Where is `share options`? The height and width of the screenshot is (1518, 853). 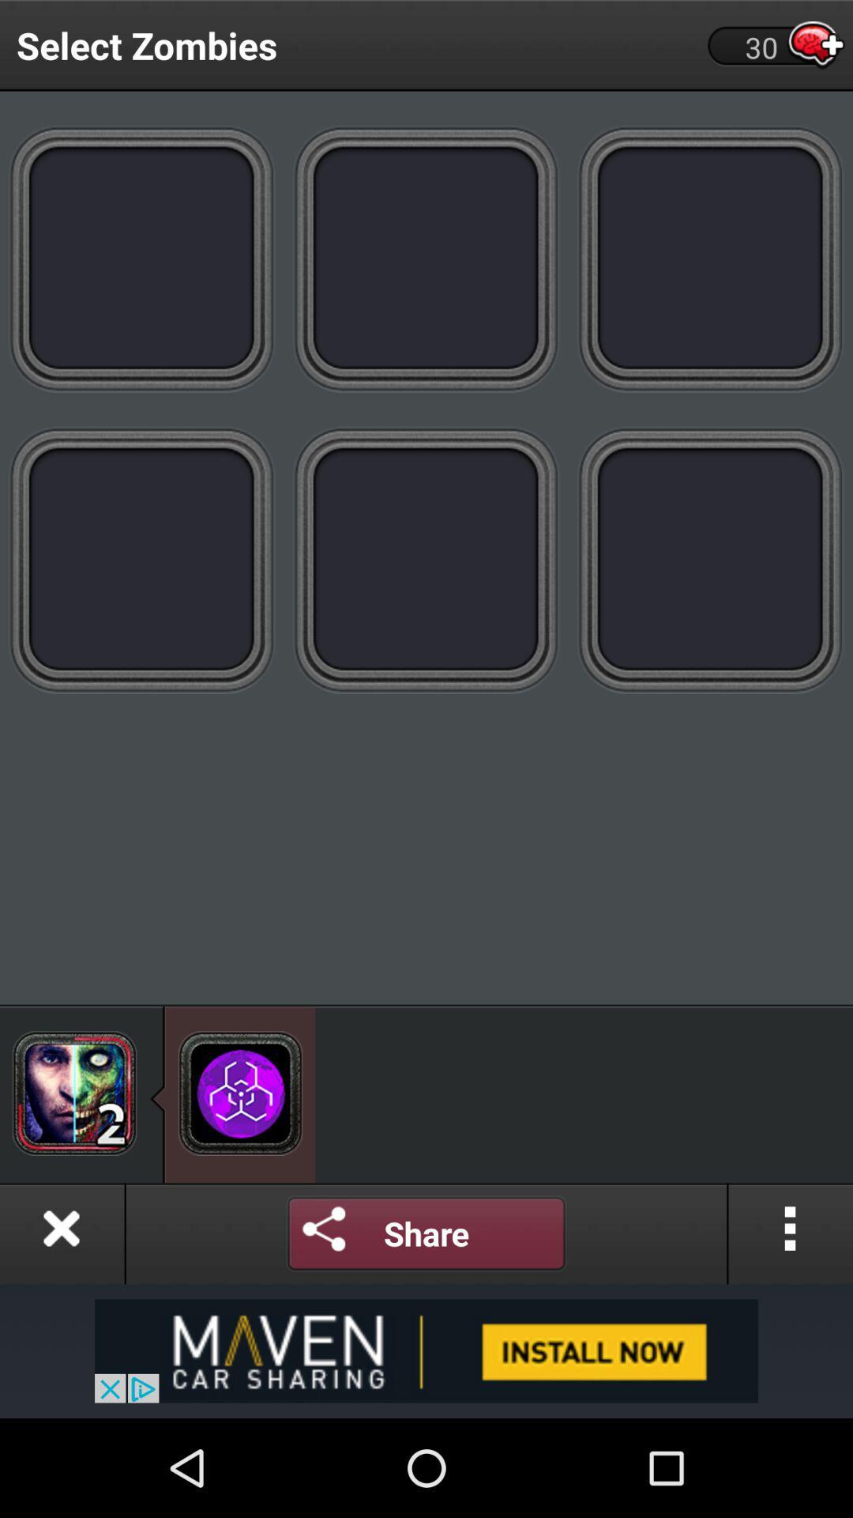
share options is located at coordinates (324, 1233).